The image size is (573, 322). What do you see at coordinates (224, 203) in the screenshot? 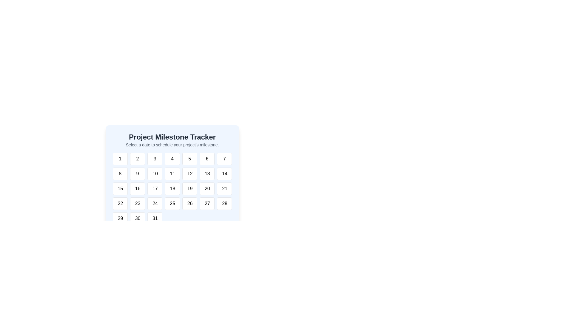
I see `the rectangular button with the number '28' in black text, located in the seventh column of the fourth row of the calendar grid` at bounding box center [224, 203].